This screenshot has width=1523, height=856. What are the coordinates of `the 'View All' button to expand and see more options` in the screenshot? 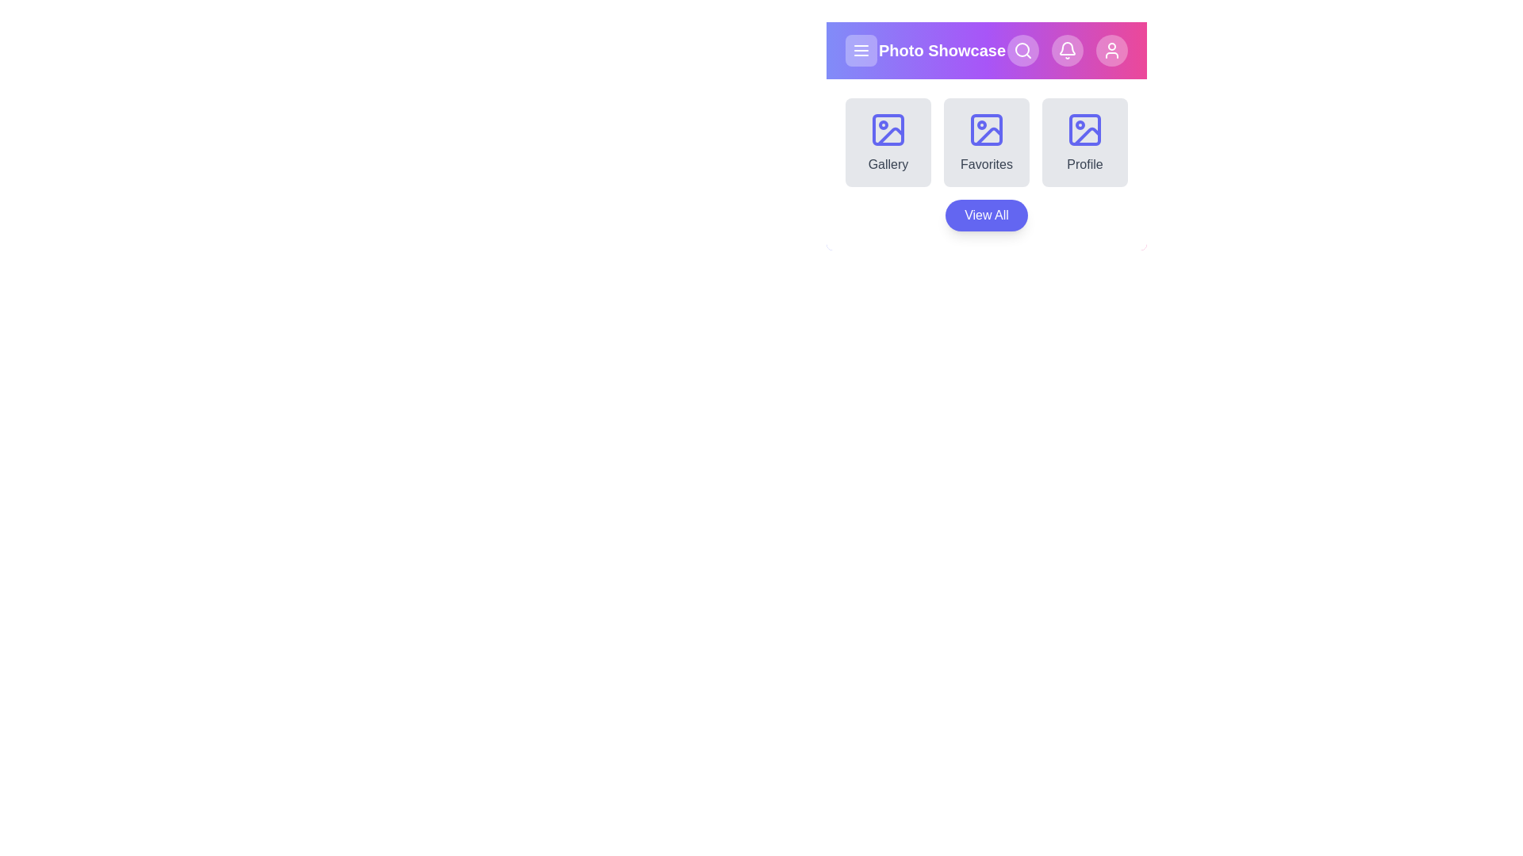 It's located at (985, 216).